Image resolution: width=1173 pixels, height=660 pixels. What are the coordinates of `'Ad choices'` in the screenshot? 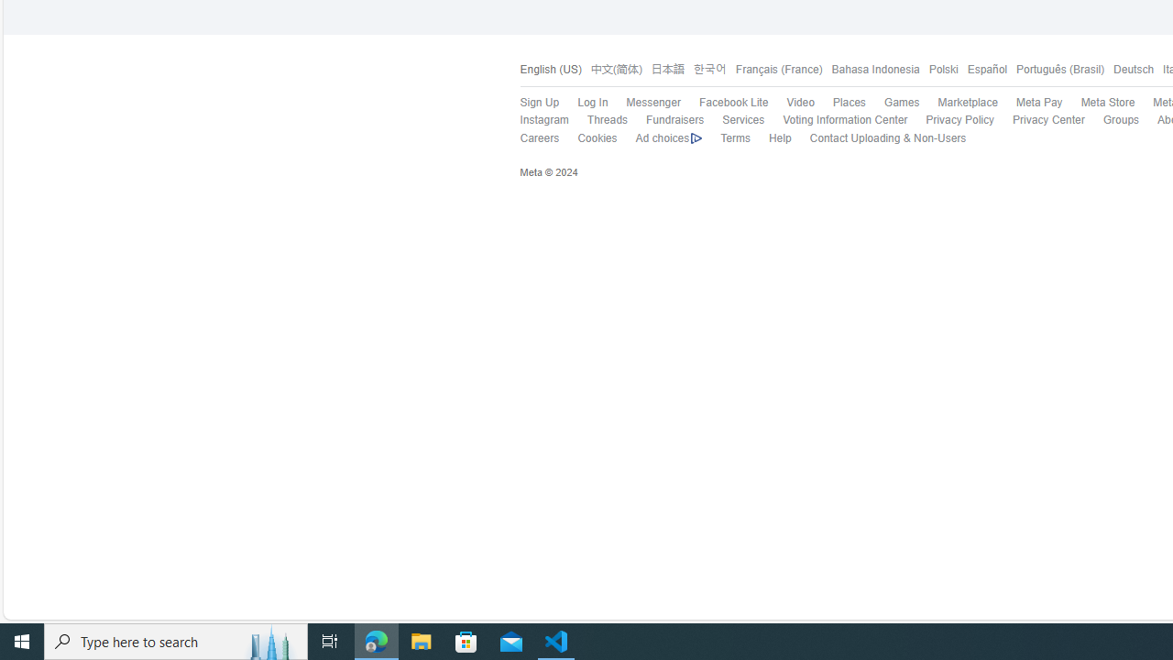 It's located at (660, 137).